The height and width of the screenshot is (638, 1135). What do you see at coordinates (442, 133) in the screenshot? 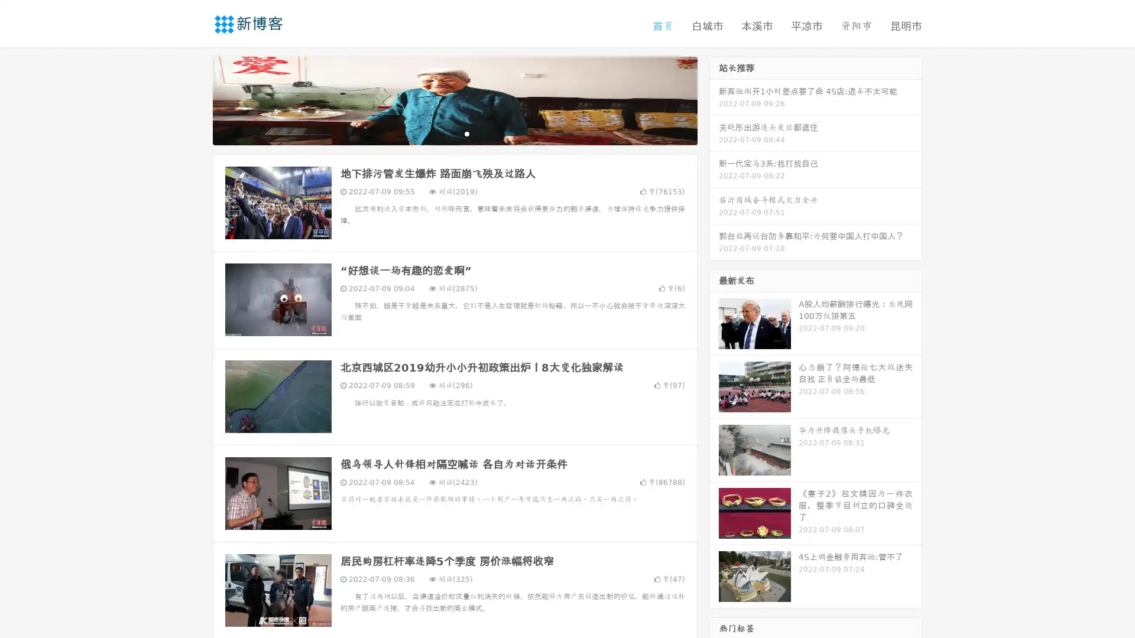
I see `Go to slide 1` at bounding box center [442, 133].